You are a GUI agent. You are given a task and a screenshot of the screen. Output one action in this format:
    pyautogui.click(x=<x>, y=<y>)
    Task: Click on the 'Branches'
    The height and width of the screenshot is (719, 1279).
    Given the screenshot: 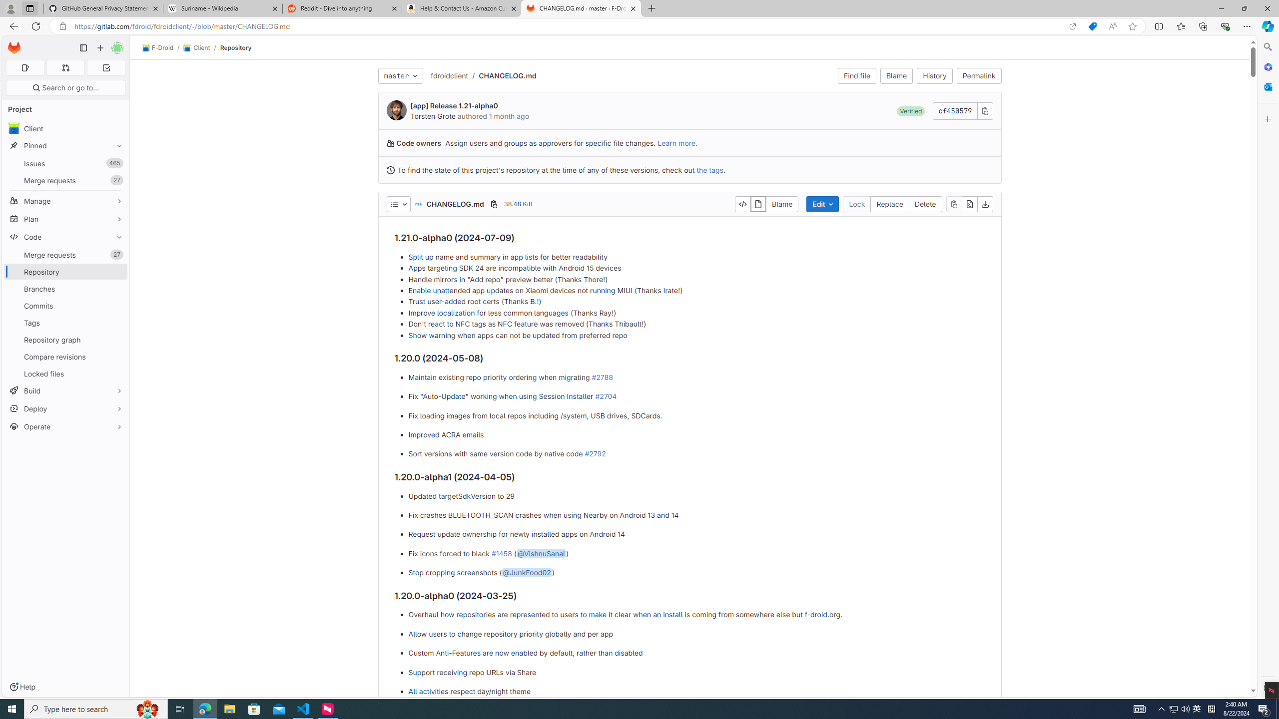 What is the action you would take?
    pyautogui.click(x=65, y=289)
    